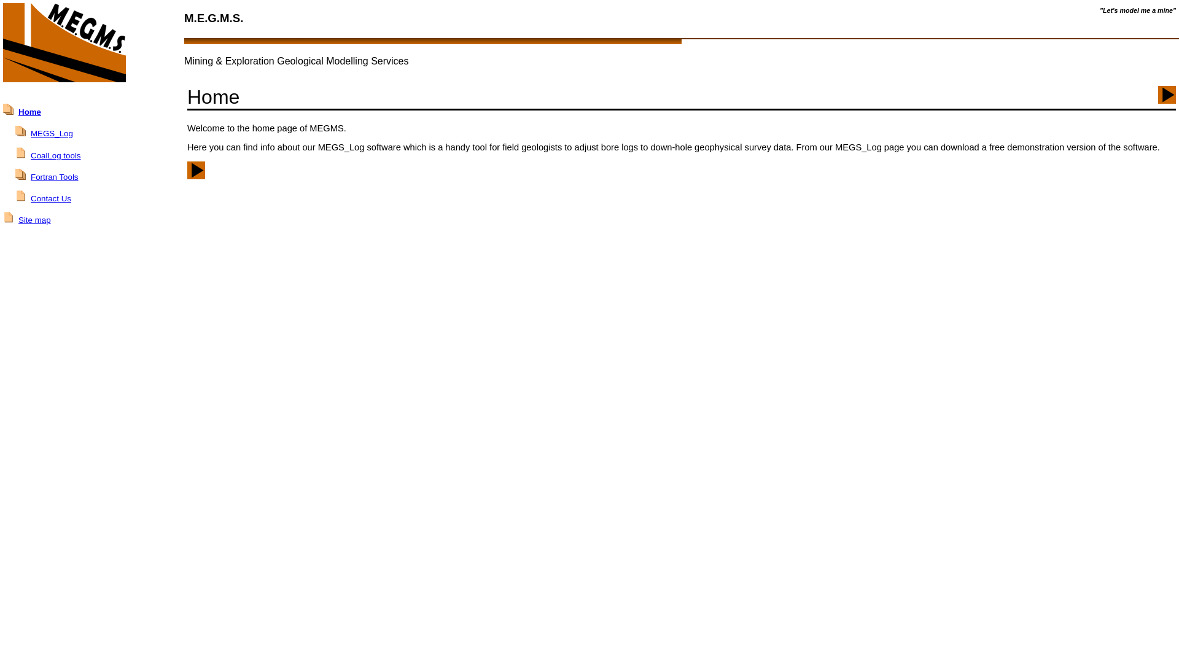 This screenshot has width=1179, height=663. What do you see at coordinates (51, 133) in the screenshot?
I see `'MEGS_Log'` at bounding box center [51, 133].